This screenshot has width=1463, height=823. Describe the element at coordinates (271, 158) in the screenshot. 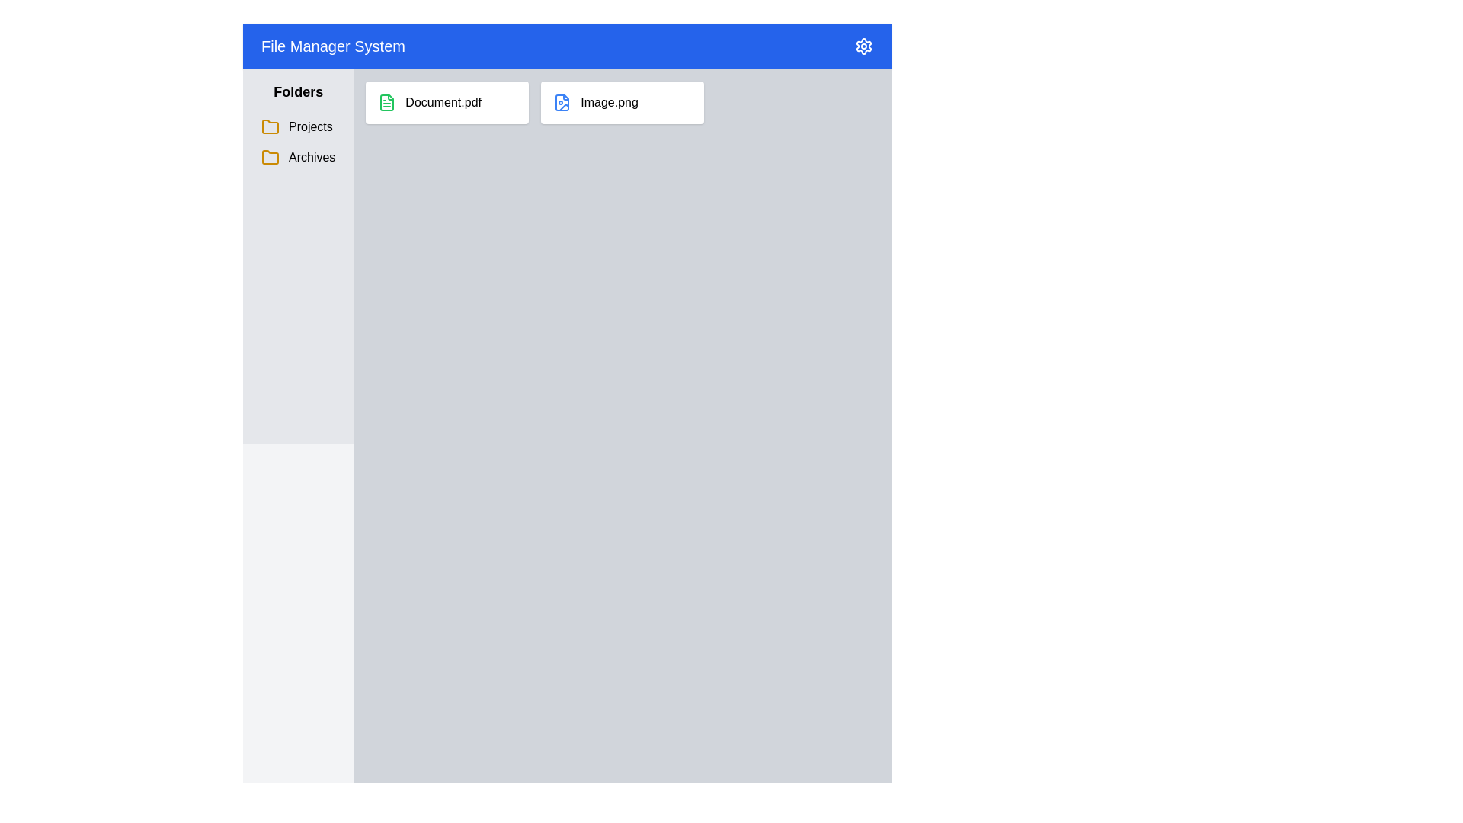

I see `the yellowish folder icon located in the navigation panel to the left of the 'Archives' text` at that location.